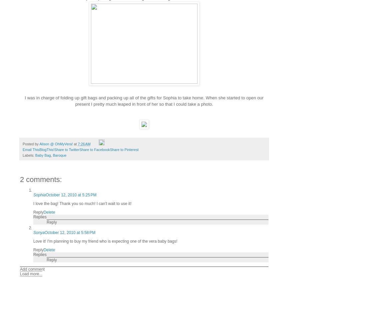  Describe the element at coordinates (79, 149) in the screenshot. I see `'Share to Facebook'` at that location.